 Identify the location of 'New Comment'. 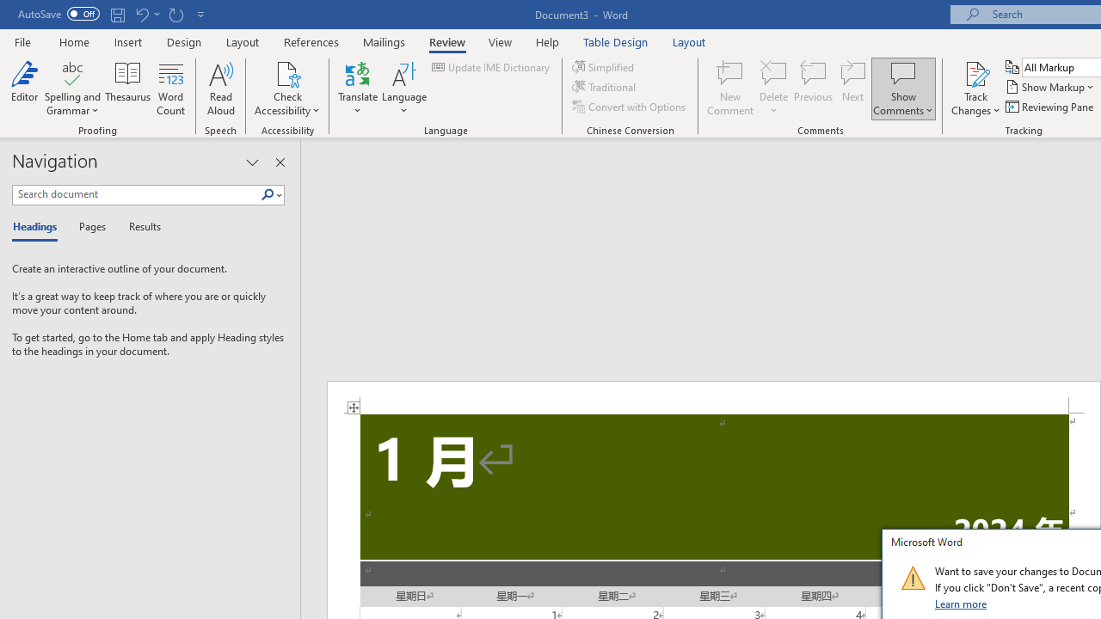
(730, 89).